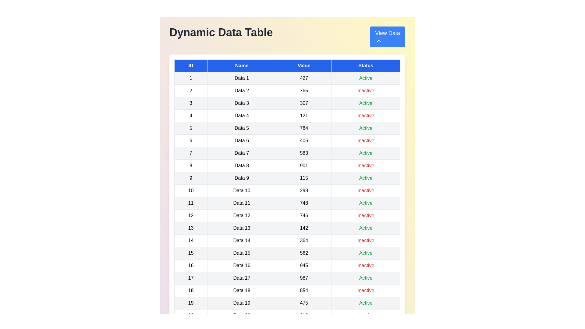 The height and width of the screenshot is (329, 585). I want to click on the header of the column to sort by Name, so click(241, 66).